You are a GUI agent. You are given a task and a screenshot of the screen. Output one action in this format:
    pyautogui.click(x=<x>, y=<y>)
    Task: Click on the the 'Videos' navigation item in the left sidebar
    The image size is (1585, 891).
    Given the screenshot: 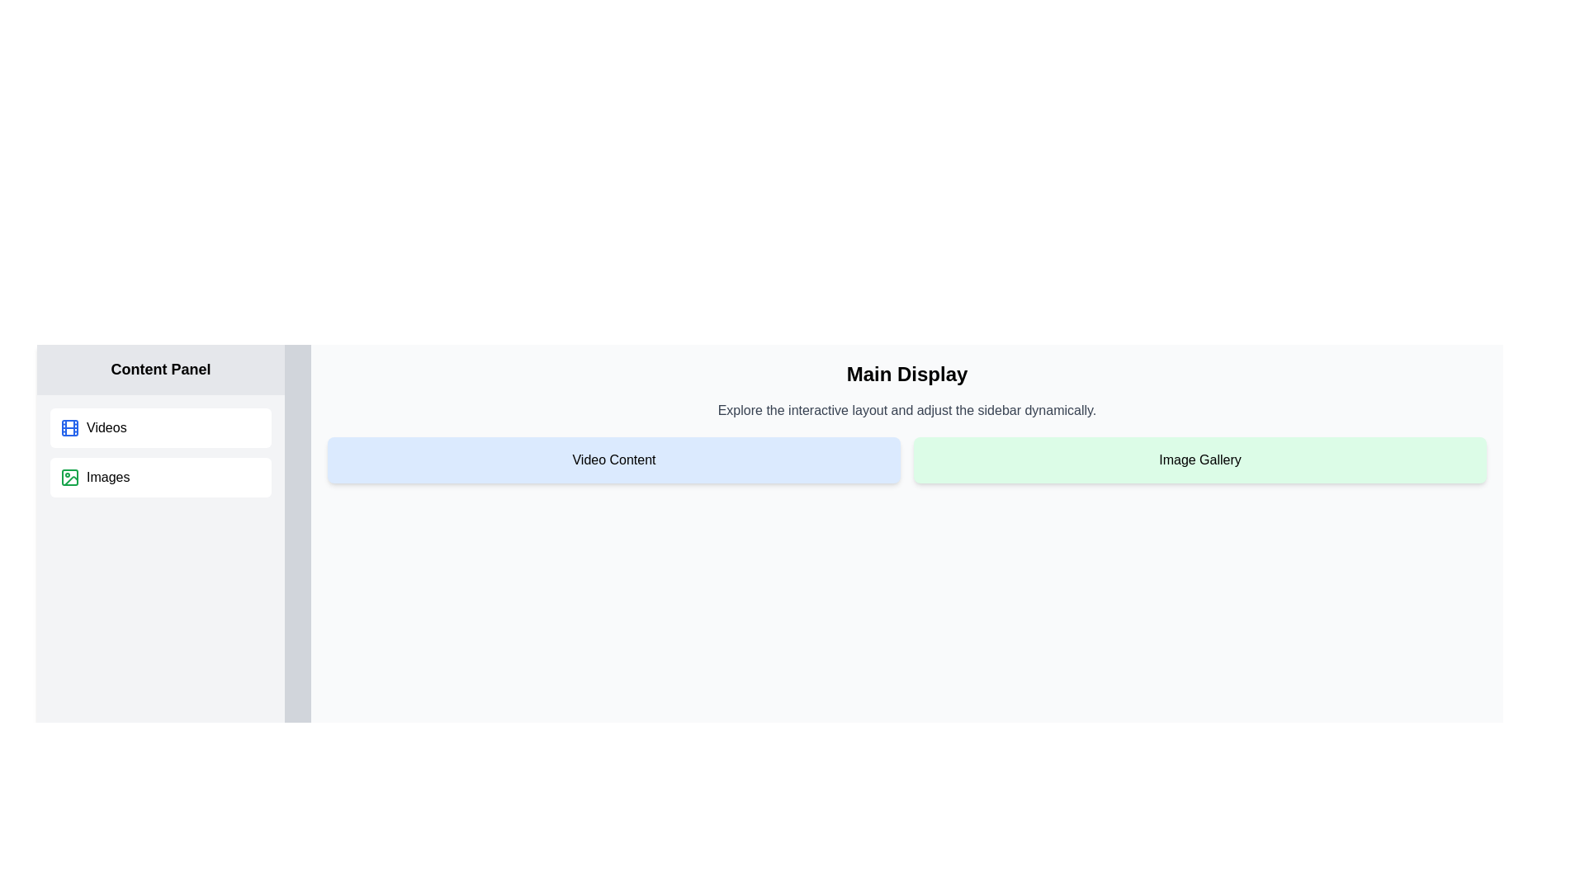 What is the action you would take?
    pyautogui.click(x=161, y=427)
    